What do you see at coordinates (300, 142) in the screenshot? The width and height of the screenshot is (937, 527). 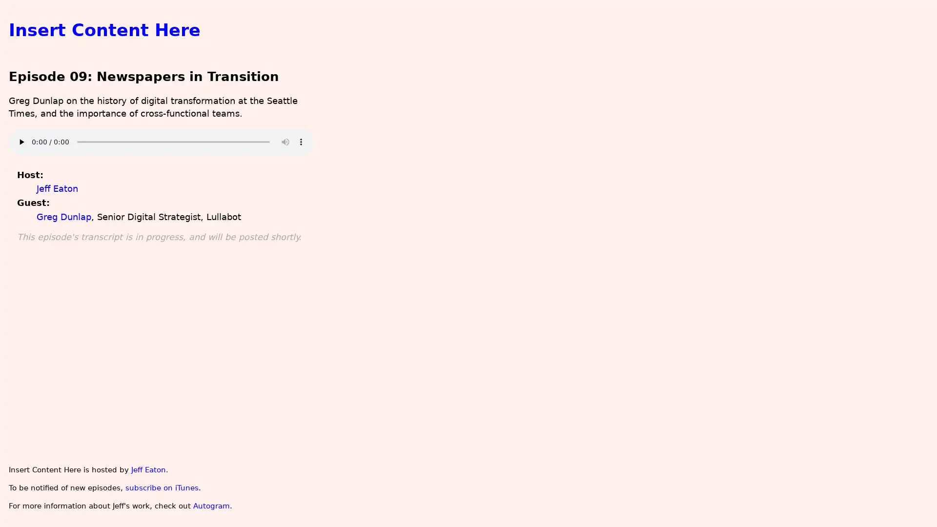 I see `show more media controls` at bounding box center [300, 142].